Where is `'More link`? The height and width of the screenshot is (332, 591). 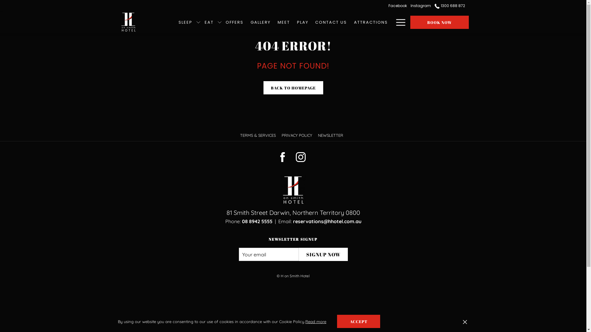 'More link is located at coordinates (398, 22).